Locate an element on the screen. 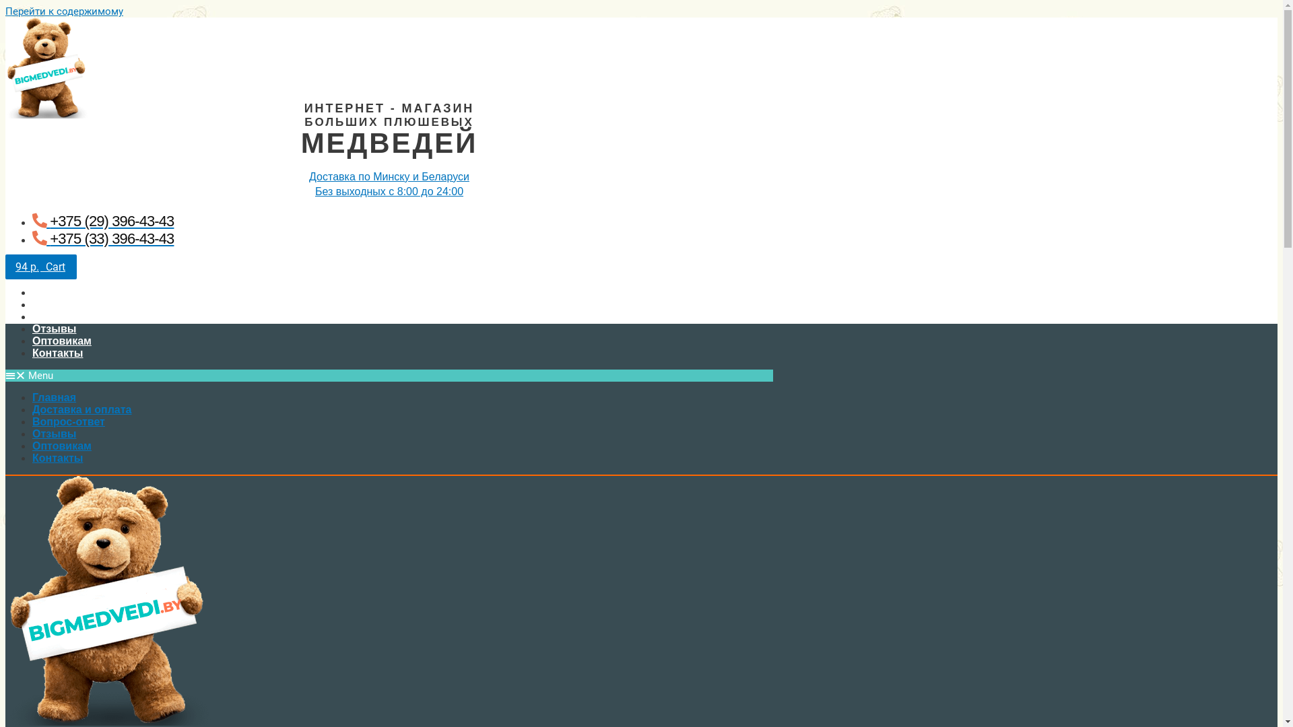 This screenshot has width=1293, height=727. '+375 (33) 396-43-43' is located at coordinates (102, 238).